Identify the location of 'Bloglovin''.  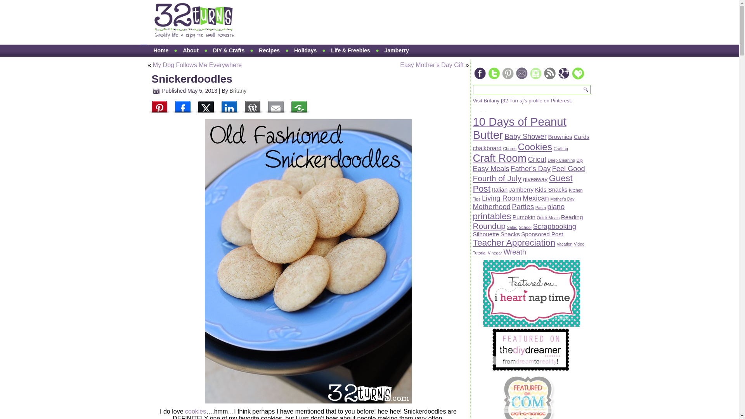
(570, 78).